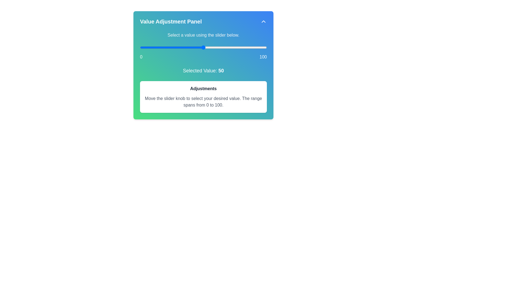 The width and height of the screenshot is (525, 295). Describe the element at coordinates (212, 47) in the screenshot. I see `the slider value` at that location.